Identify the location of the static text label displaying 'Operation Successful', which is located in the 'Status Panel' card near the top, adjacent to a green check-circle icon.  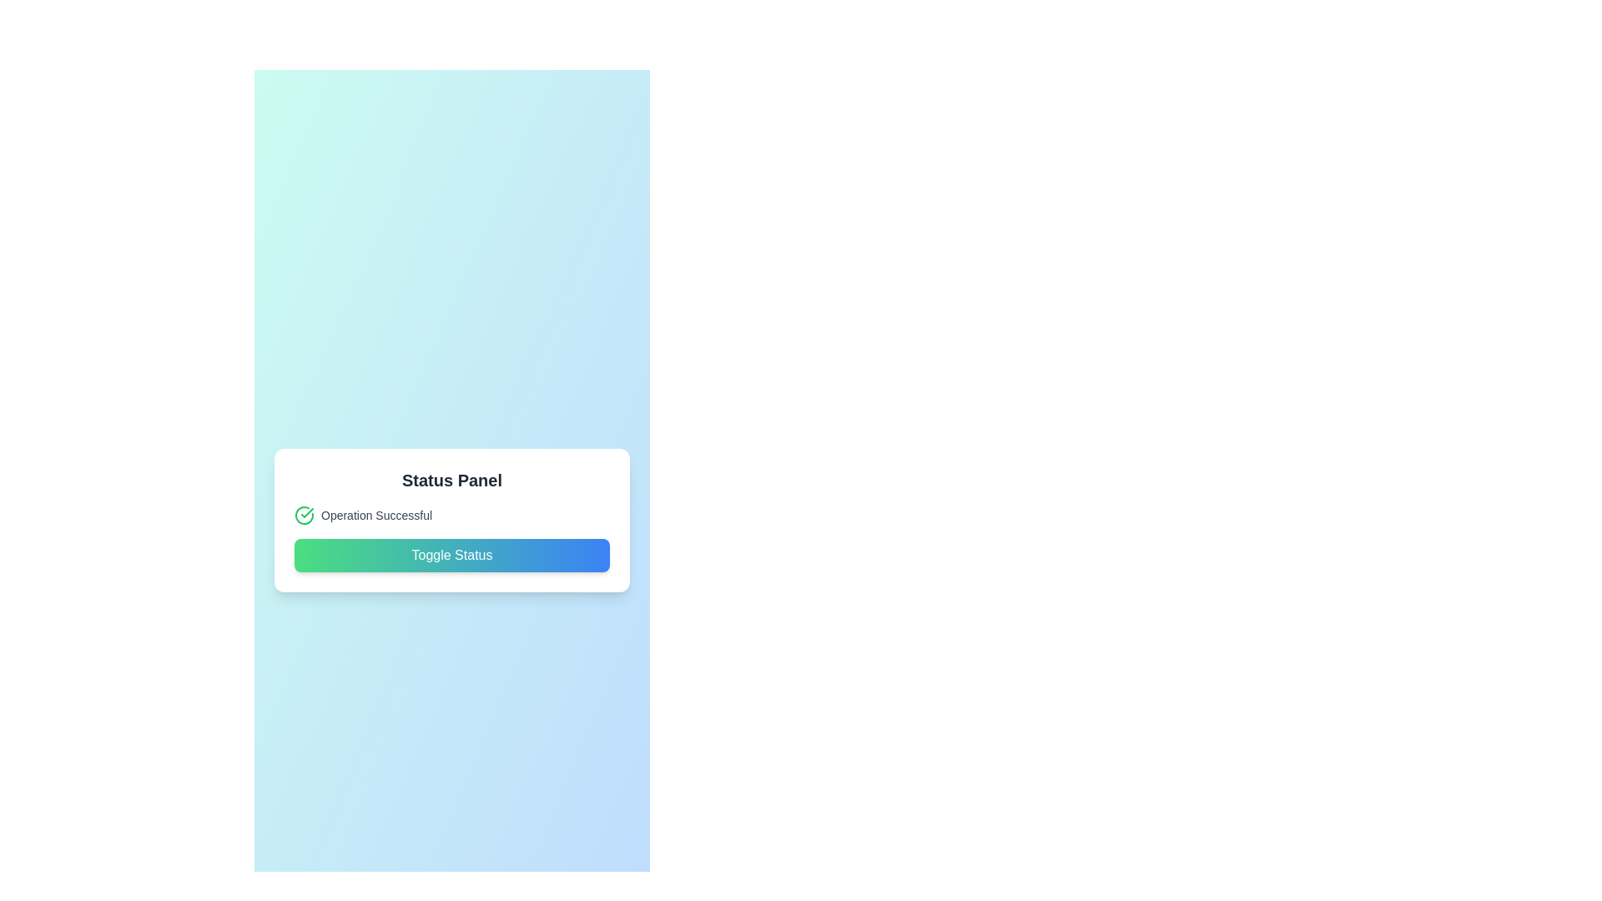
(375, 514).